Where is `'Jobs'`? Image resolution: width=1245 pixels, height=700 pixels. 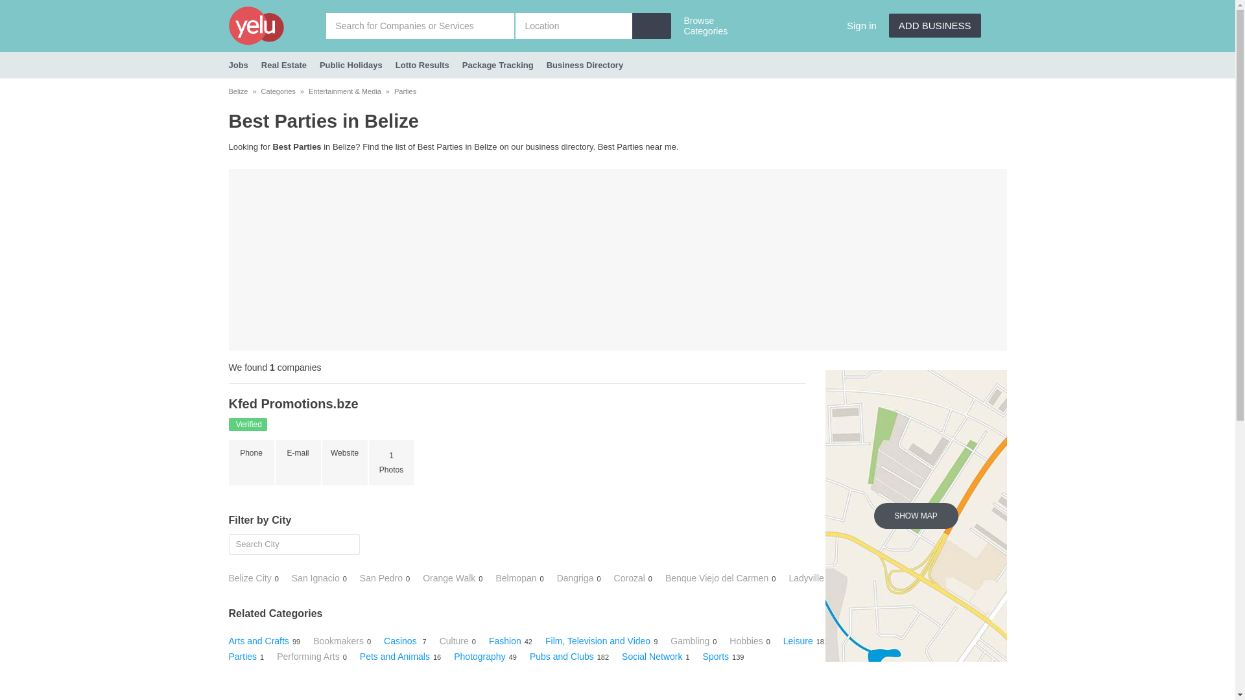 'Jobs' is located at coordinates (237, 65).